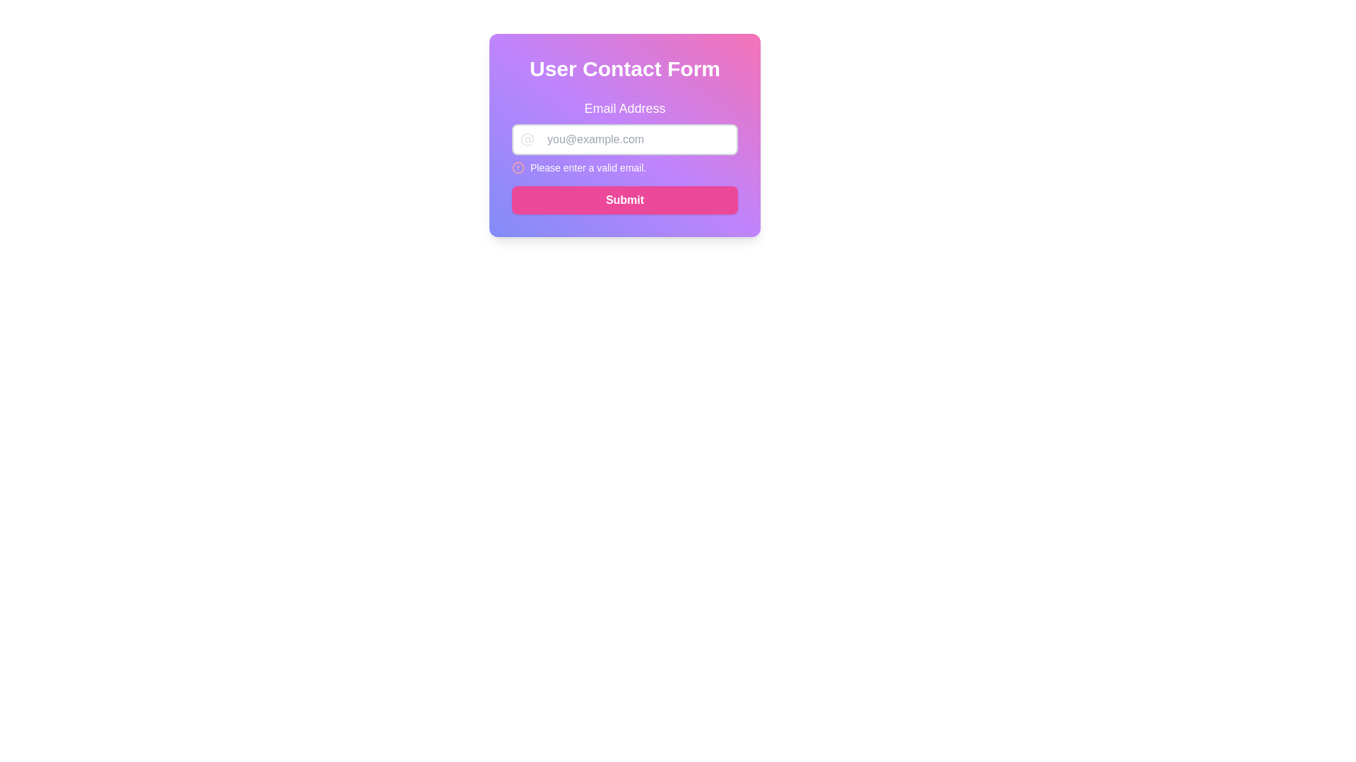  I want to click on the text label displaying 'Please enter a valid email', which is styled in plain white font and positioned to the right of a red circular alert icon, indicating an invalid email status, so click(588, 167).